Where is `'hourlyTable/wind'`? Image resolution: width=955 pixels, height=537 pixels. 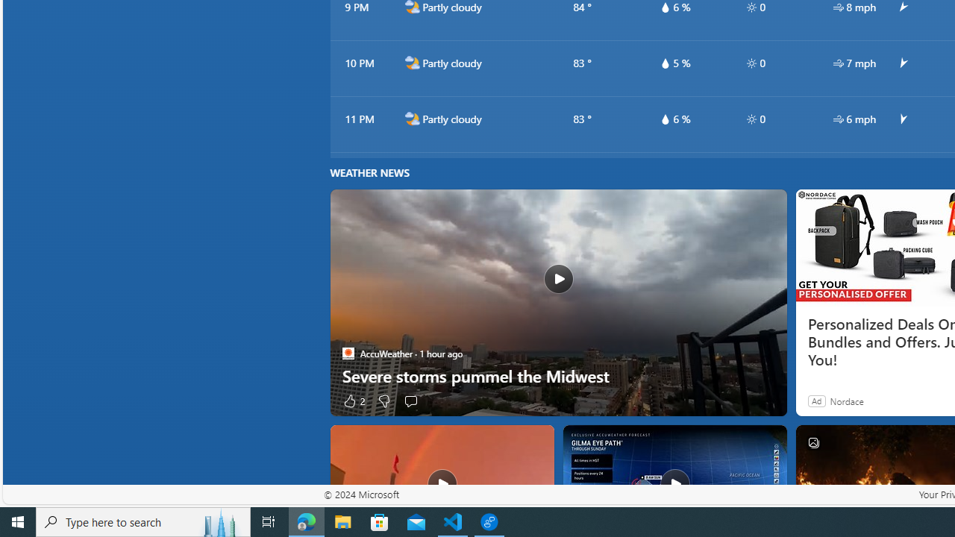
'hourlyTable/wind' is located at coordinates (838, 118).